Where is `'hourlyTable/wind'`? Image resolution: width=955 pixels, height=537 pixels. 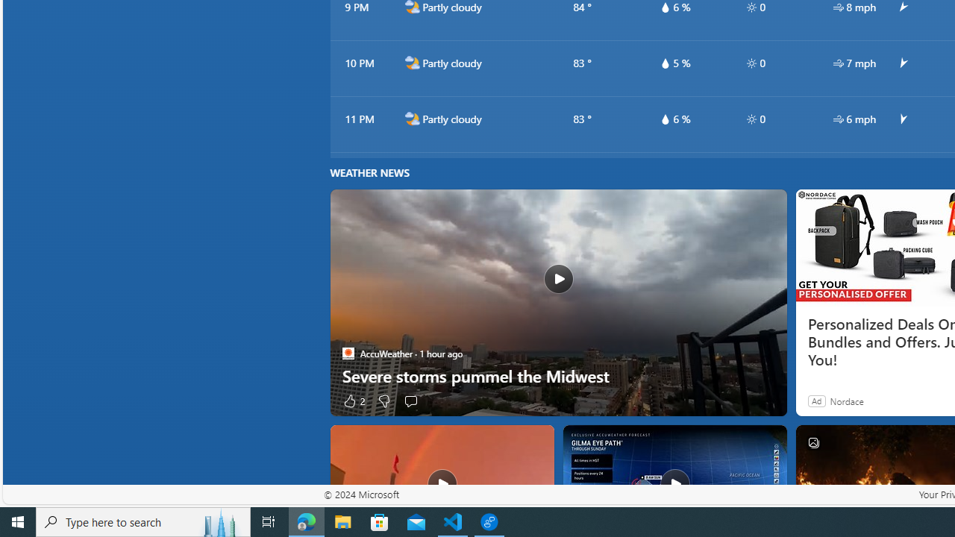
'hourlyTable/wind' is located at coordinates (838, 118).